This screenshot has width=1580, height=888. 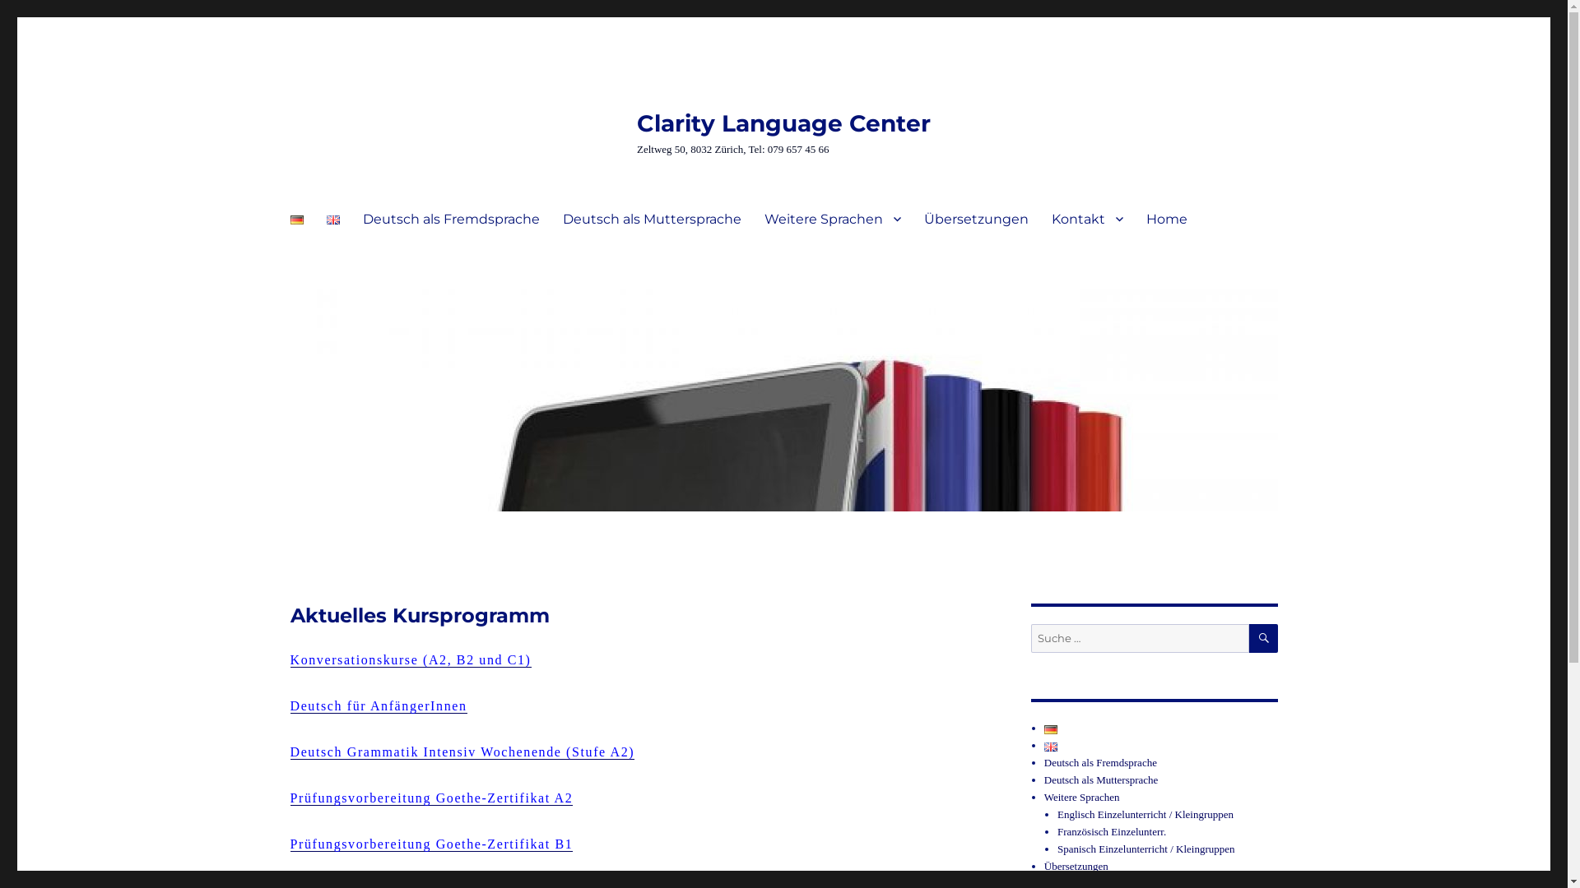 What do you see at coordinates (783, 123) in the screenshot?
I see `'Clarity Language Center'` at bounding box center [783, 123].